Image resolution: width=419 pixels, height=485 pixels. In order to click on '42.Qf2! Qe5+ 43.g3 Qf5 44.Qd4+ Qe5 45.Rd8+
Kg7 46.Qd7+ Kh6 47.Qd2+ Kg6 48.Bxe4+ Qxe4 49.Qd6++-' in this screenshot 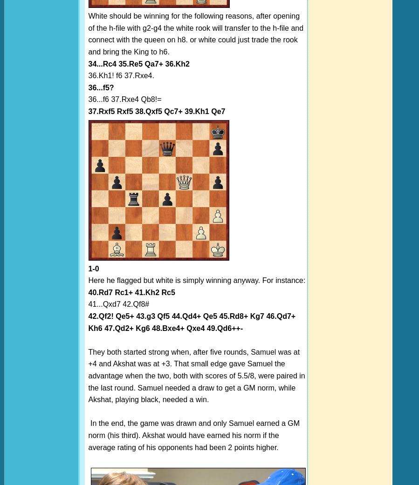, I will do `click(191, 322)`.